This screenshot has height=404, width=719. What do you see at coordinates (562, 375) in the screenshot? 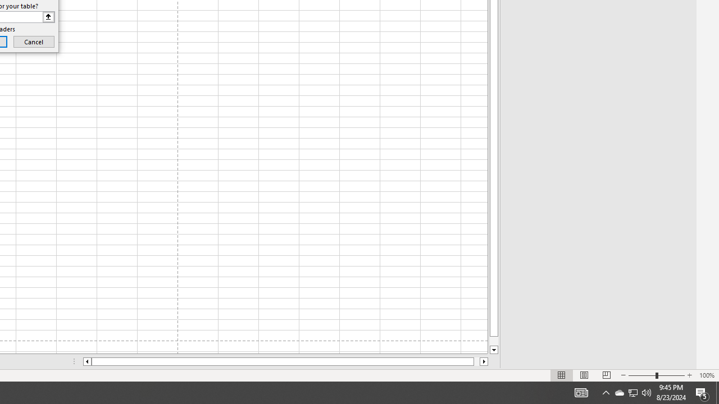
I see `'Normal'` at bounding box center [562, 375].